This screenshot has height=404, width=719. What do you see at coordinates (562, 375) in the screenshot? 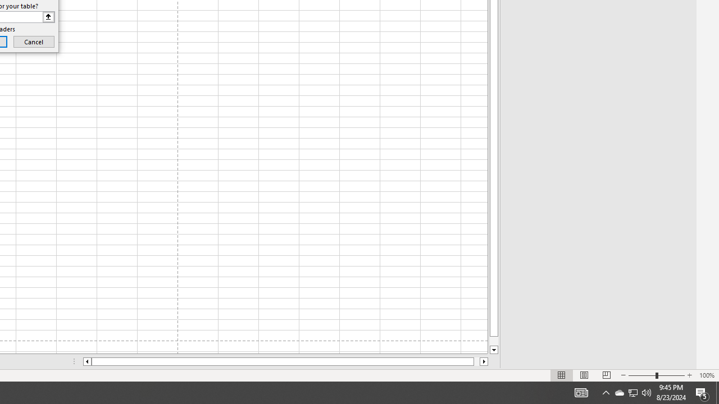
I see `'Normal'` at bounding box center [562, 375].